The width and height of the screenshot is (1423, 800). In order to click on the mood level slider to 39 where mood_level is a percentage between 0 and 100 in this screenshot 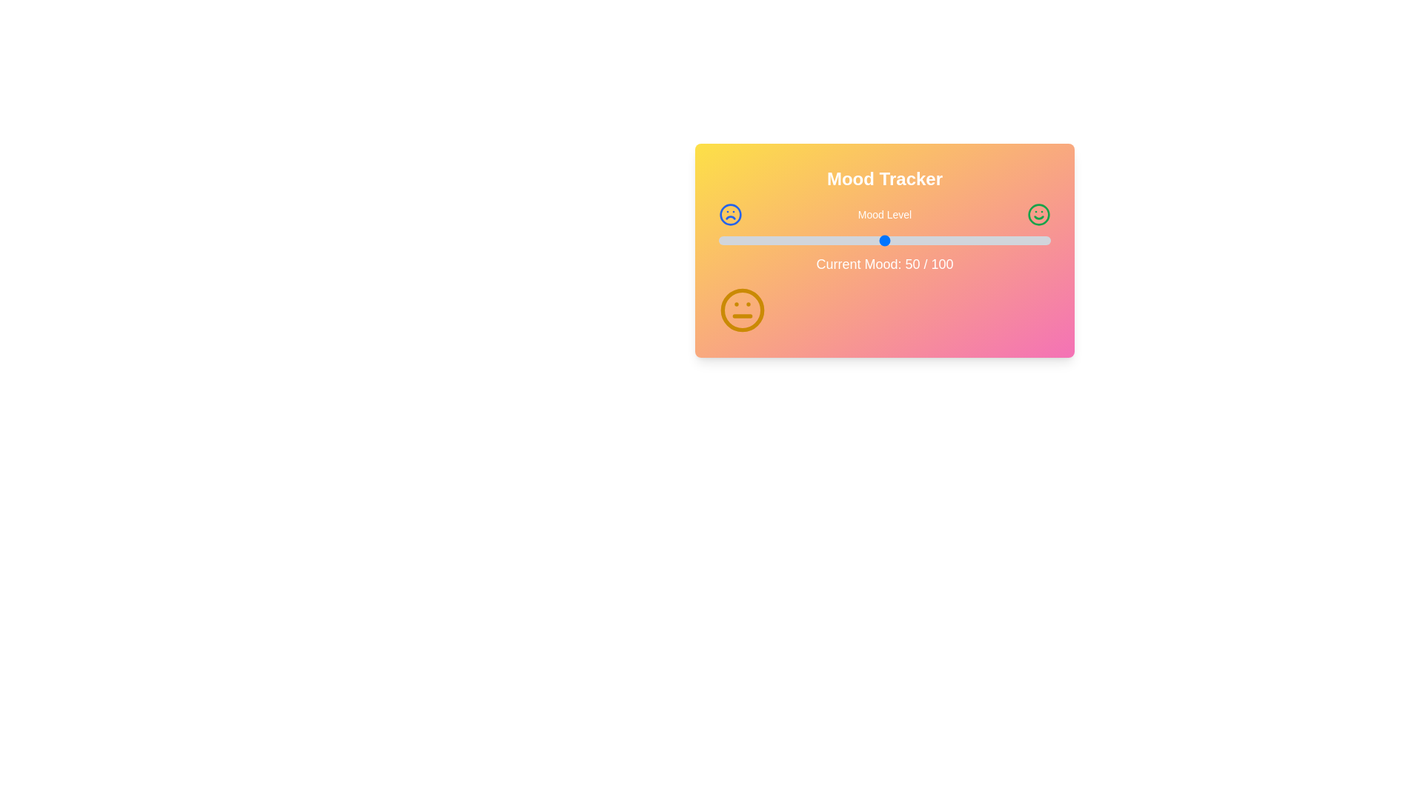, I will do `click(848, 239)`.